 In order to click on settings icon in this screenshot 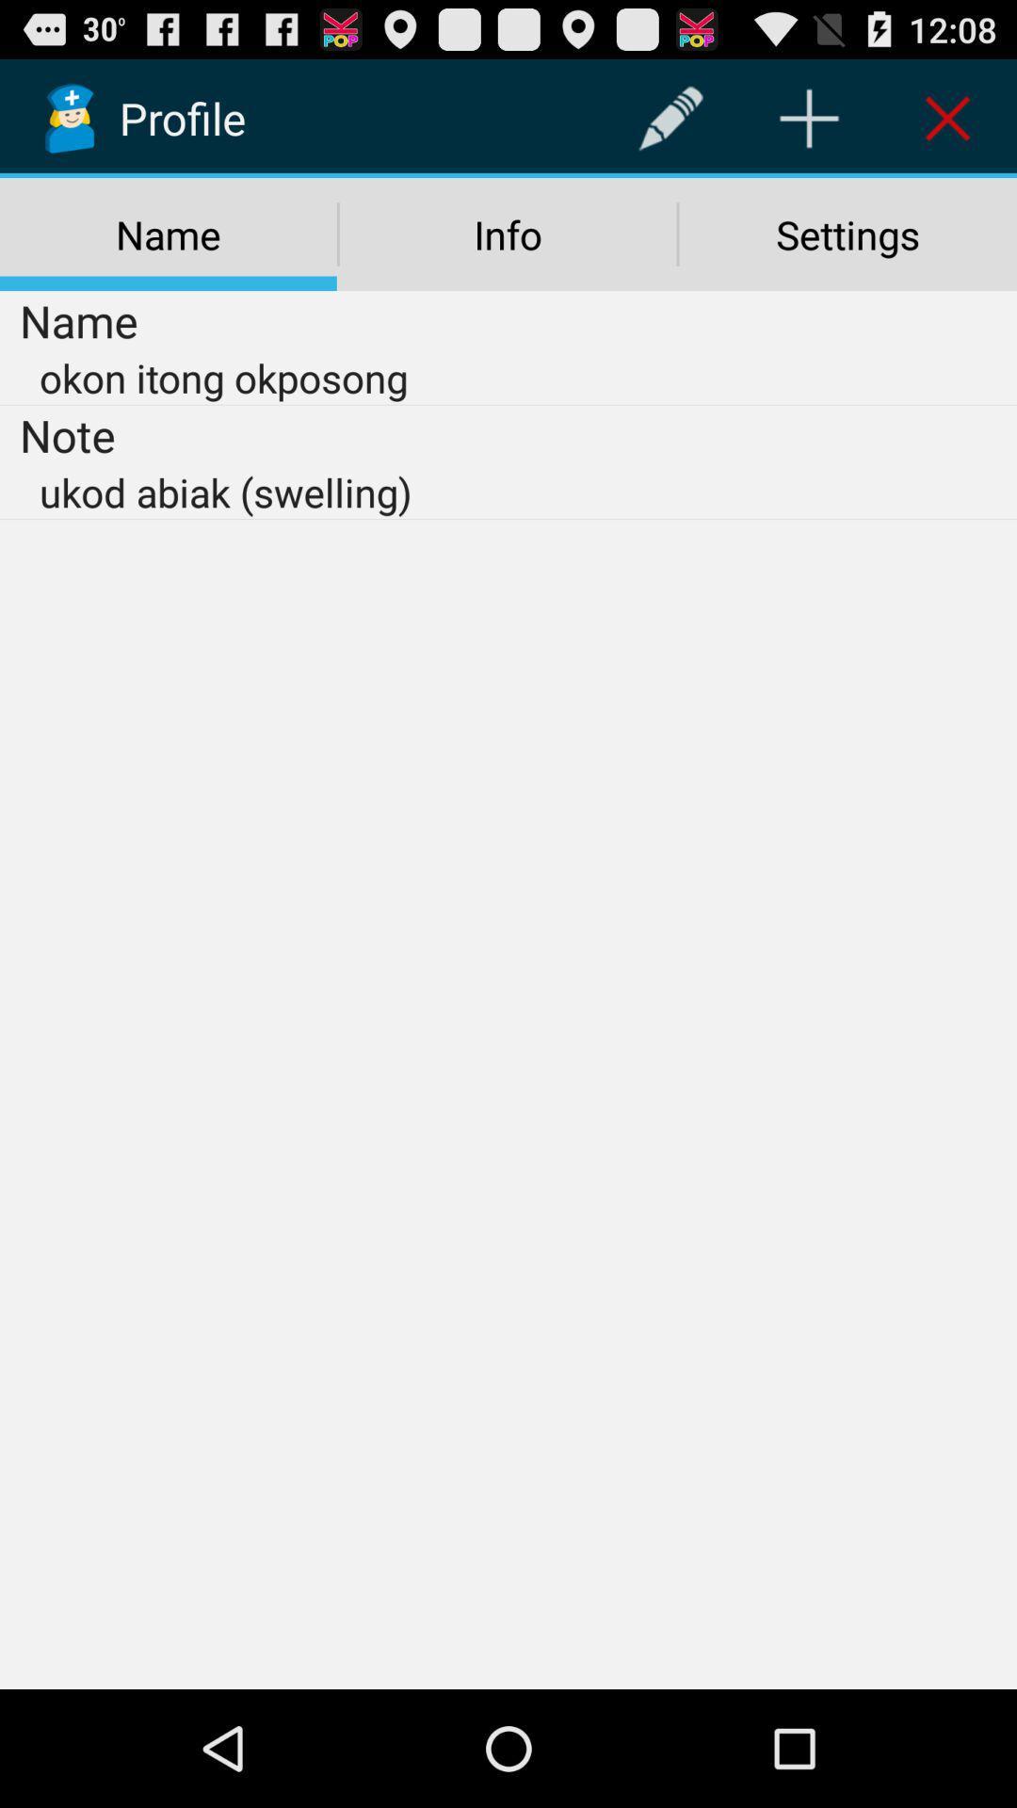, I will do `click(847, 234)`.